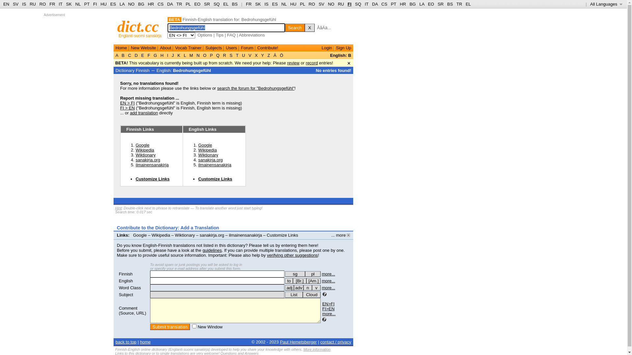 Image resolution: width=632 pixels, height=355 pixels. Describe the element at coordinates (42, 4) in the screenshot. I see `'RO'` at that location.